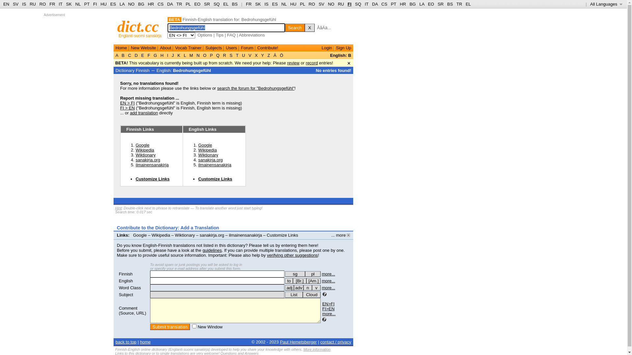 Image resolution: width=632 pixels, height=355 pixels. Describe the element at coordinates (42, 4) in the screenshot. I see `'RO'` at that location.